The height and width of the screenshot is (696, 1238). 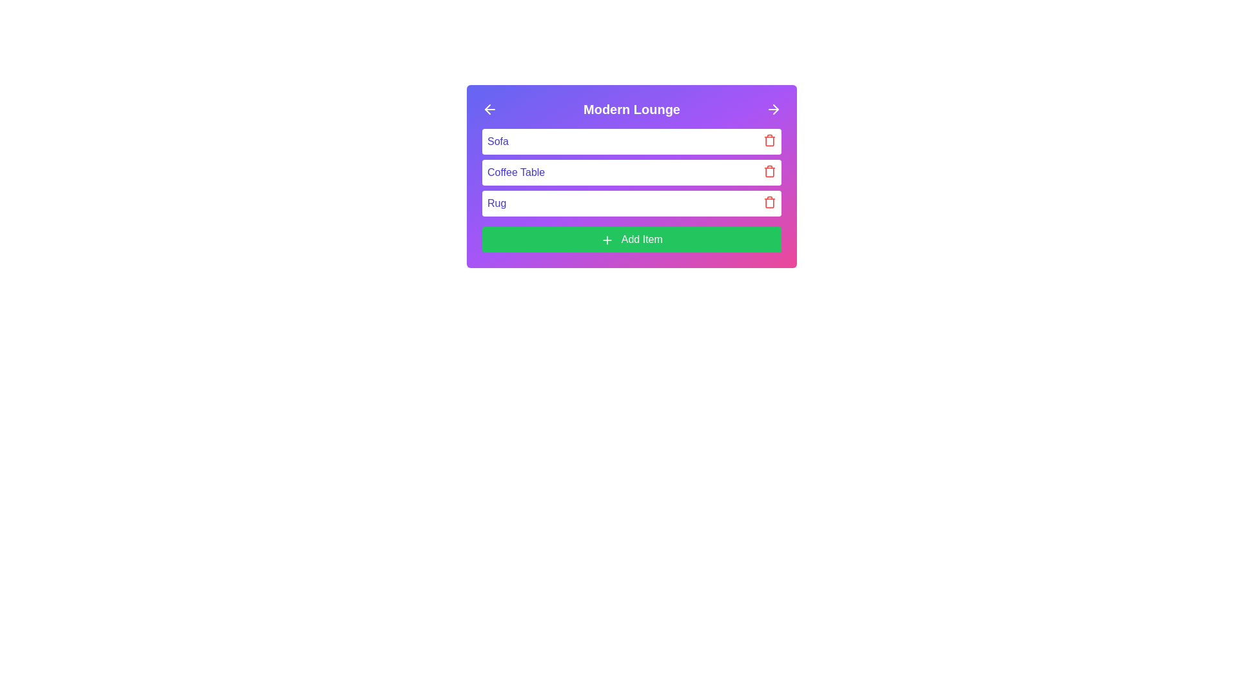 What do you see at coordinates (631, 108) in the screenshot?
I see `the header text that indicates the current section or category in the user interface, centrally placed at the top and flanked by navigation arrows` at bounding box center [631, 108].